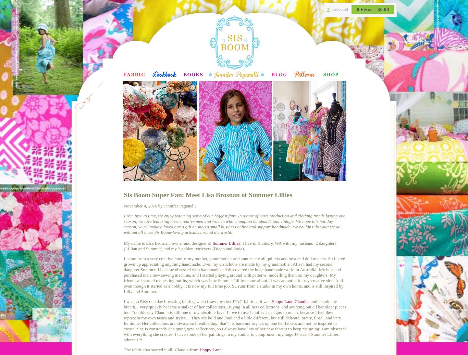 Image resolution: width=468 pixels, height=355 pixels. Describe the element at coordinates (226, 243) in the screenshot. I see `'Summer Lillies'` at that location.